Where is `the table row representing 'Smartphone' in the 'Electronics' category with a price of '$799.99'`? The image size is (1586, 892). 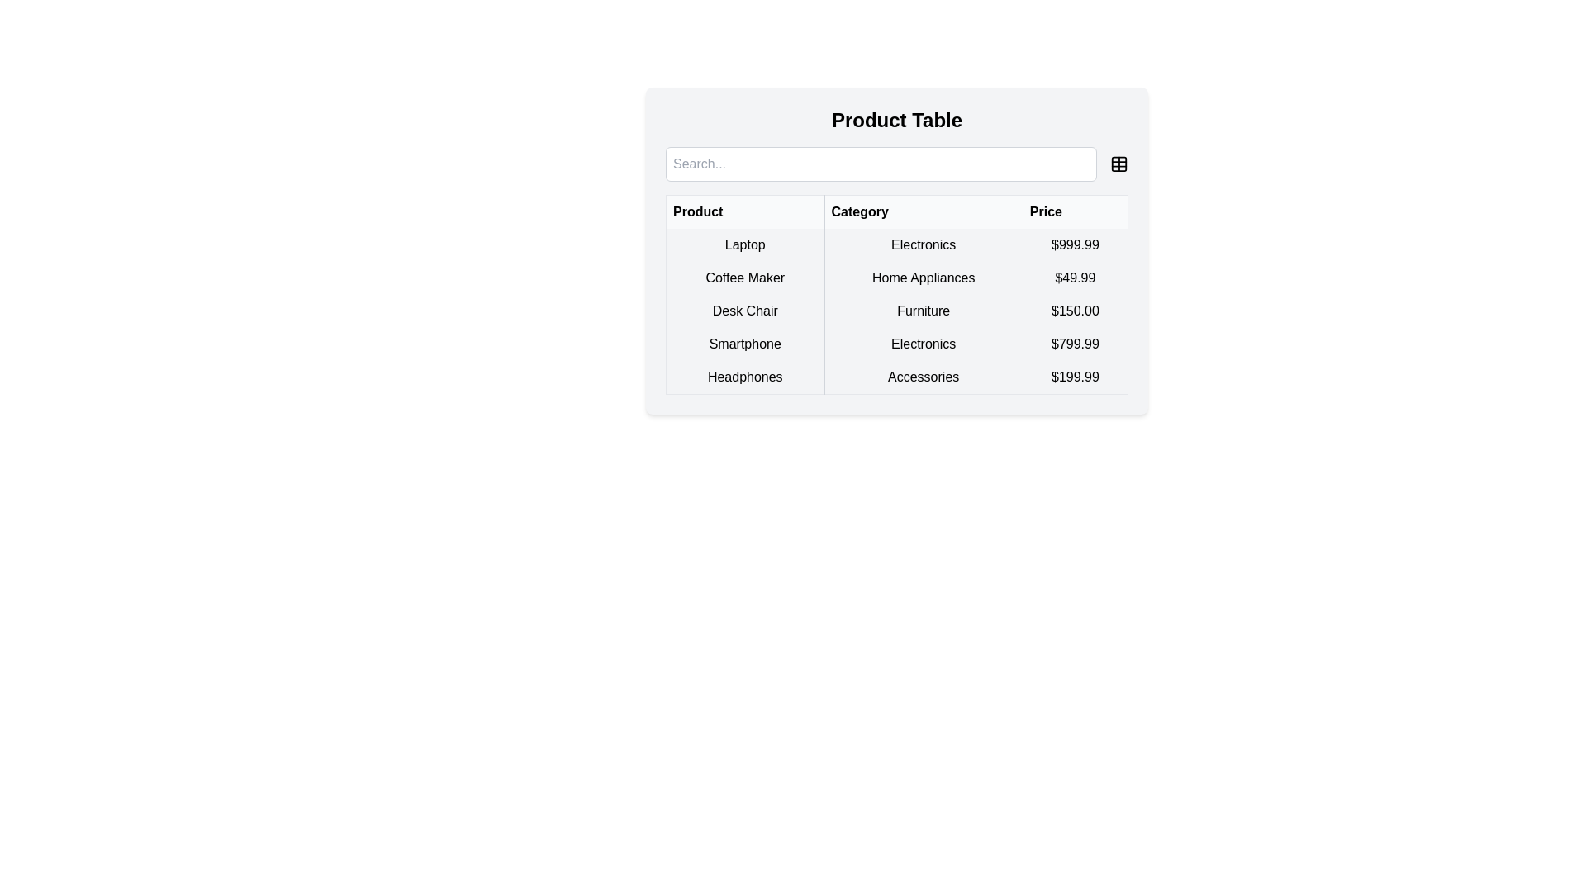 the table row representing 'Smartphone' in the 'Electronics' category with a price of '$799.99' is located at coordinates (895, 343).